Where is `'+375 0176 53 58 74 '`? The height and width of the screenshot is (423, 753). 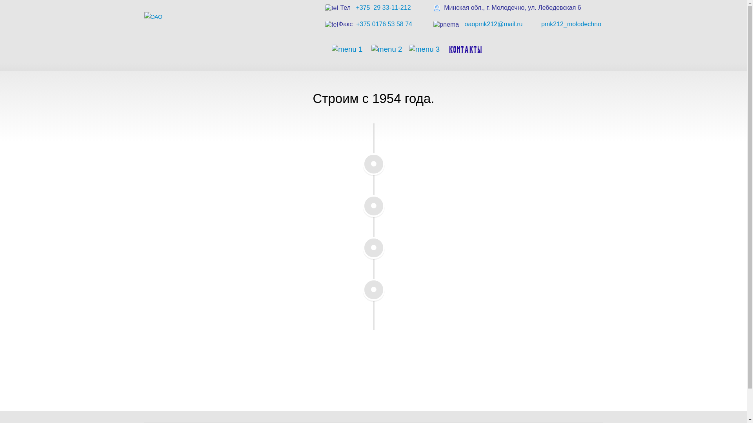
'+375 0176 53 58 74 ' is located at coordinates (385, 23).